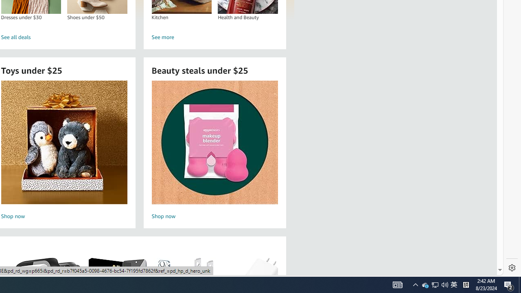 The width and height of the screenshot is (521, 293). I want to click on 'Beauty steals under $25 Shop now', so click(215, 151).